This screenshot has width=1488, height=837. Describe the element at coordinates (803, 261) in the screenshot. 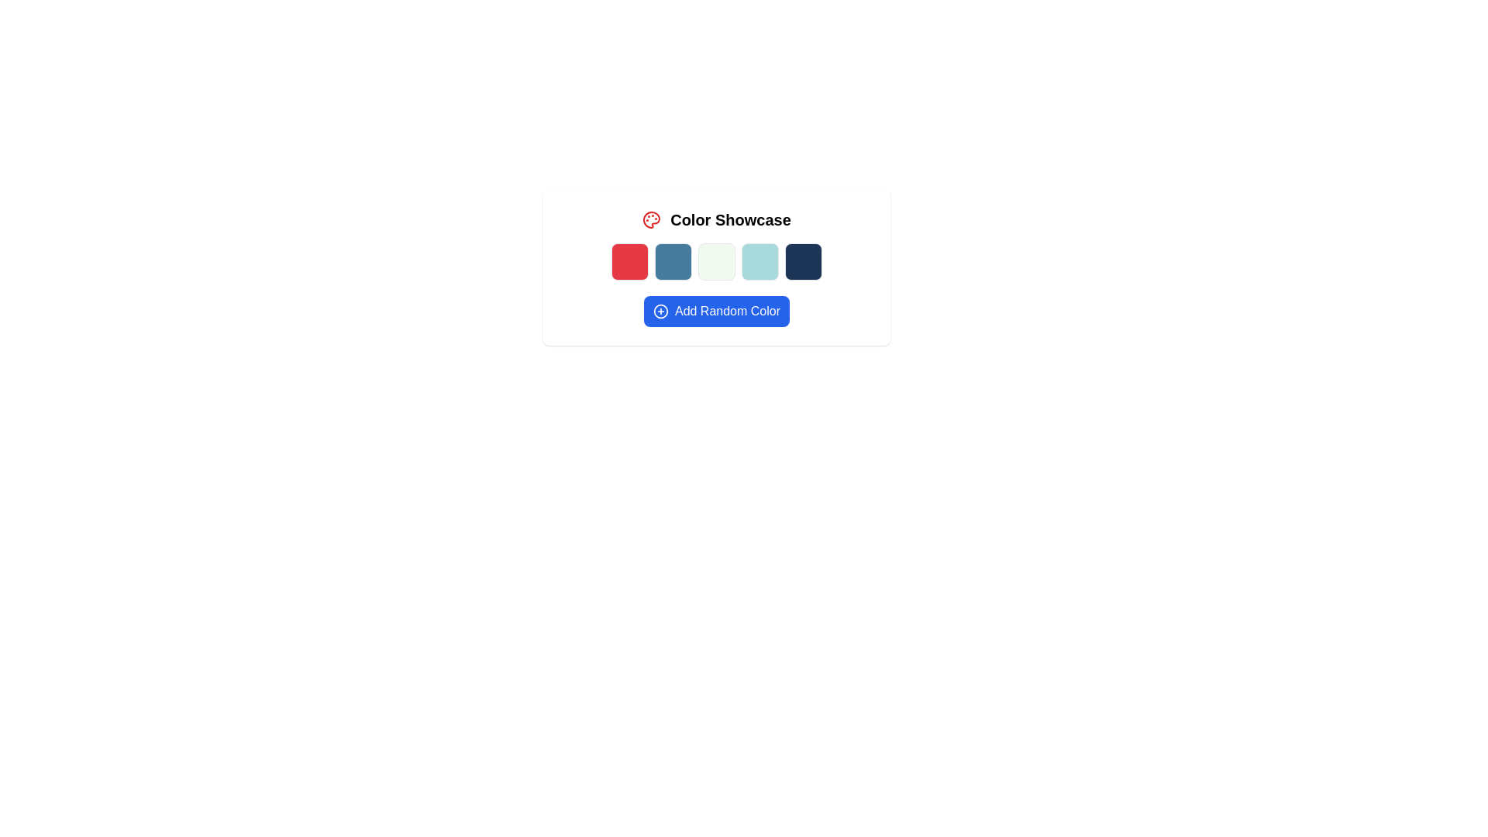

I see `the fifth and last static color swatch tile located at the bottom center of the layout` at that location.